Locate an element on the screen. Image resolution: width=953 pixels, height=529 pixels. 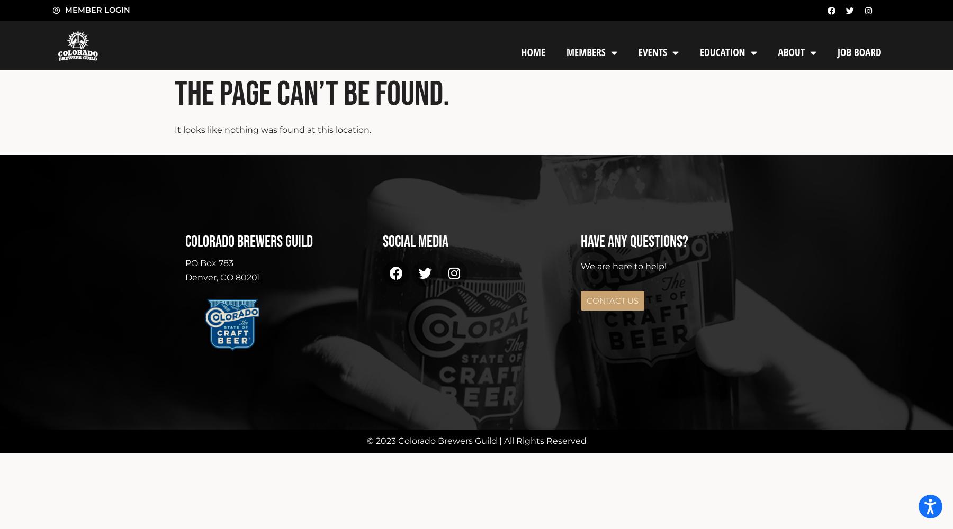
'Have Any Questions?' is located at coordinates (633, 241).